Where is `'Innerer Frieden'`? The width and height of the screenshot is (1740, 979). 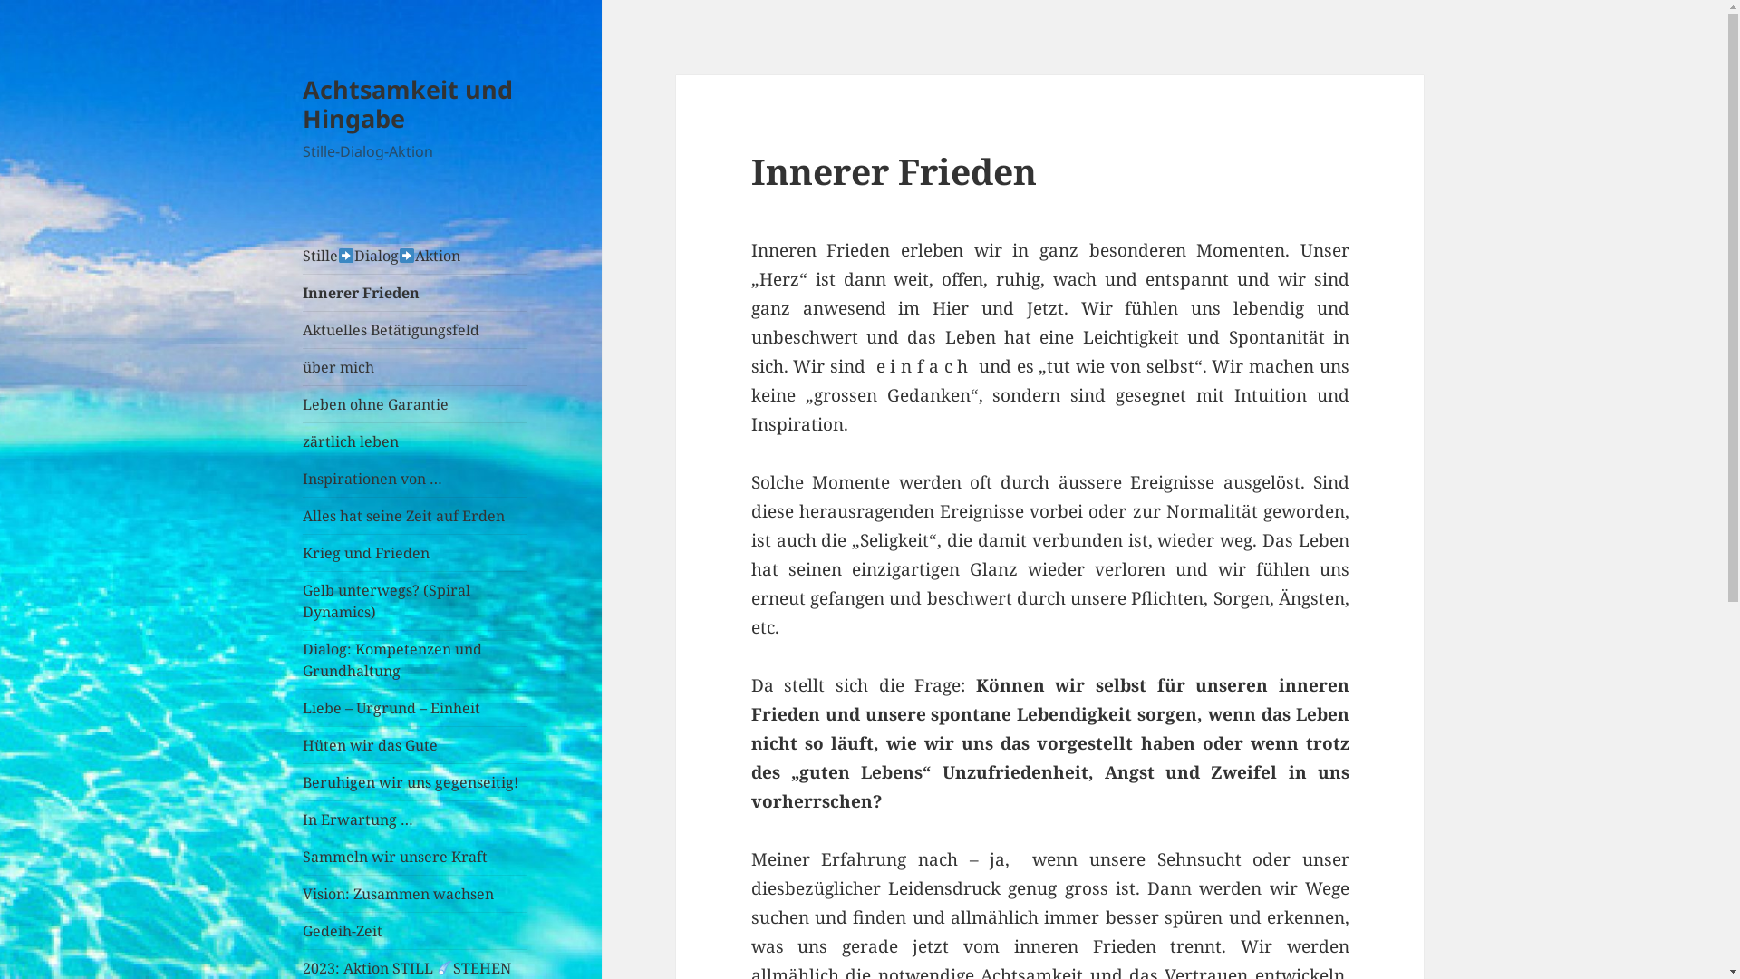
'Innerer Frieden' is located at coordinates (413, 292).